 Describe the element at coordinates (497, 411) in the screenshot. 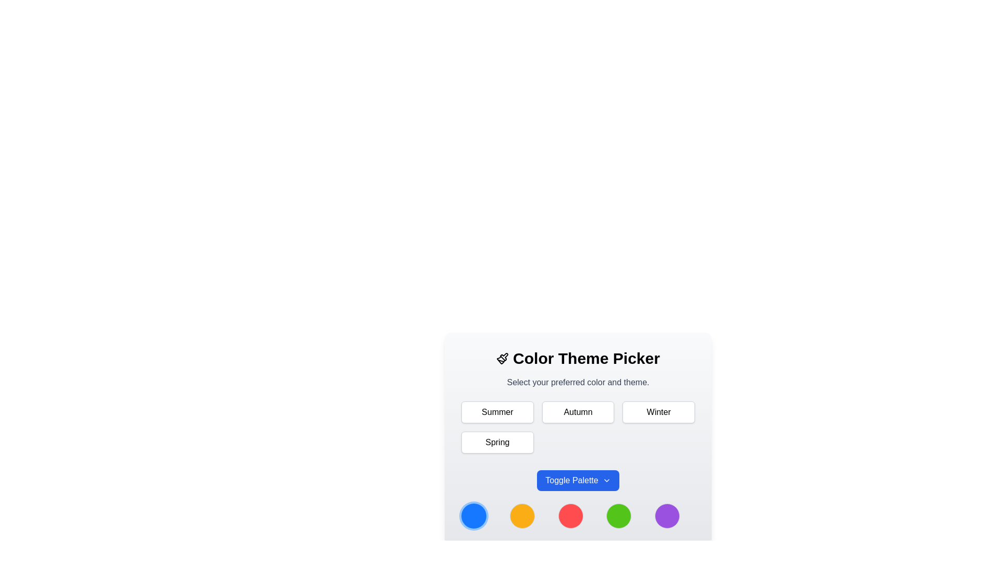

I see `the 'Summer' button, which is a rectangular button with rounded corners, featuring the text 'Summer' in black on a white background, styled with a thin gray border and shadow effect` at that location.